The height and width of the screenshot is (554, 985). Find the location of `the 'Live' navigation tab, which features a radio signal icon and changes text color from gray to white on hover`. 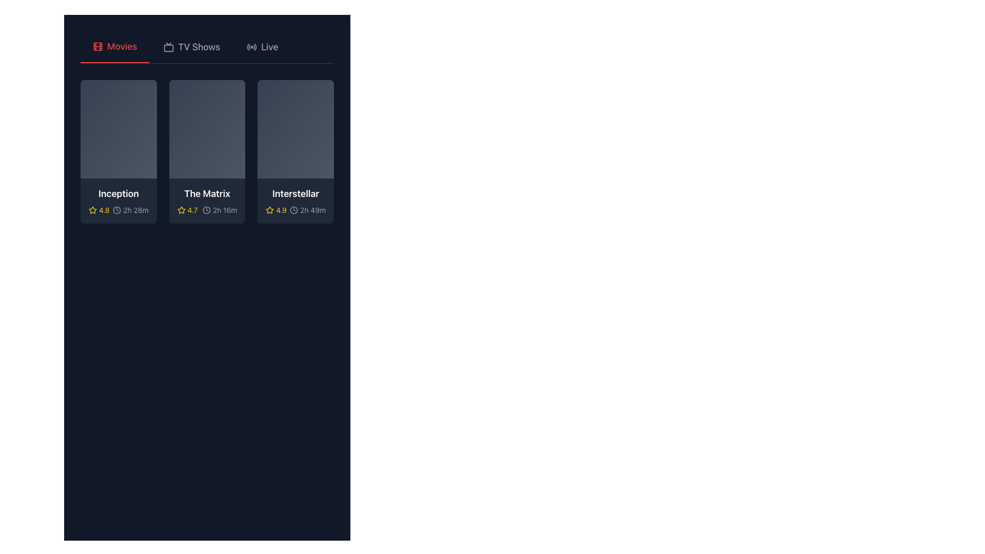

the 'Live' navigation tab, which features a radio signal icon and changes text color from gray to white on hover is located at coordinates (262, 47).